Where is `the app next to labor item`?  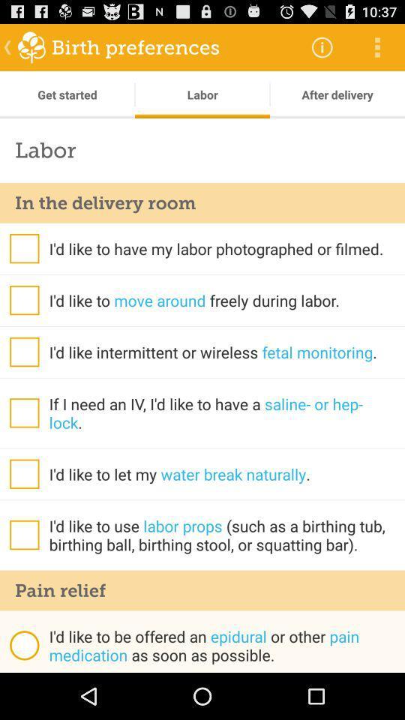
the app next to labor item is located at coordinates (67, 94).